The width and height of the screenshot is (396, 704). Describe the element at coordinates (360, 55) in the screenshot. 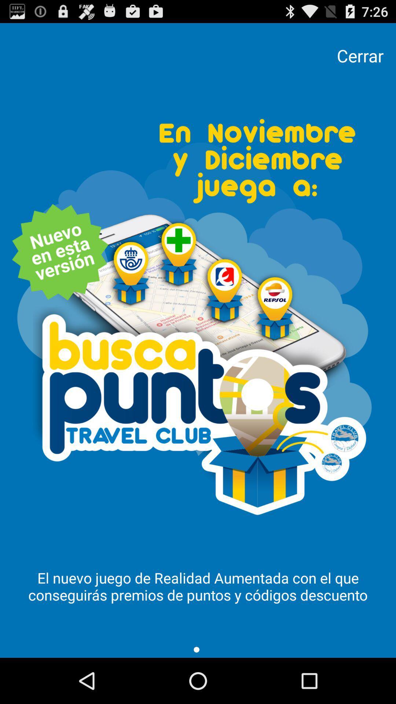

I see `cerrar at the top right corner` at that location.